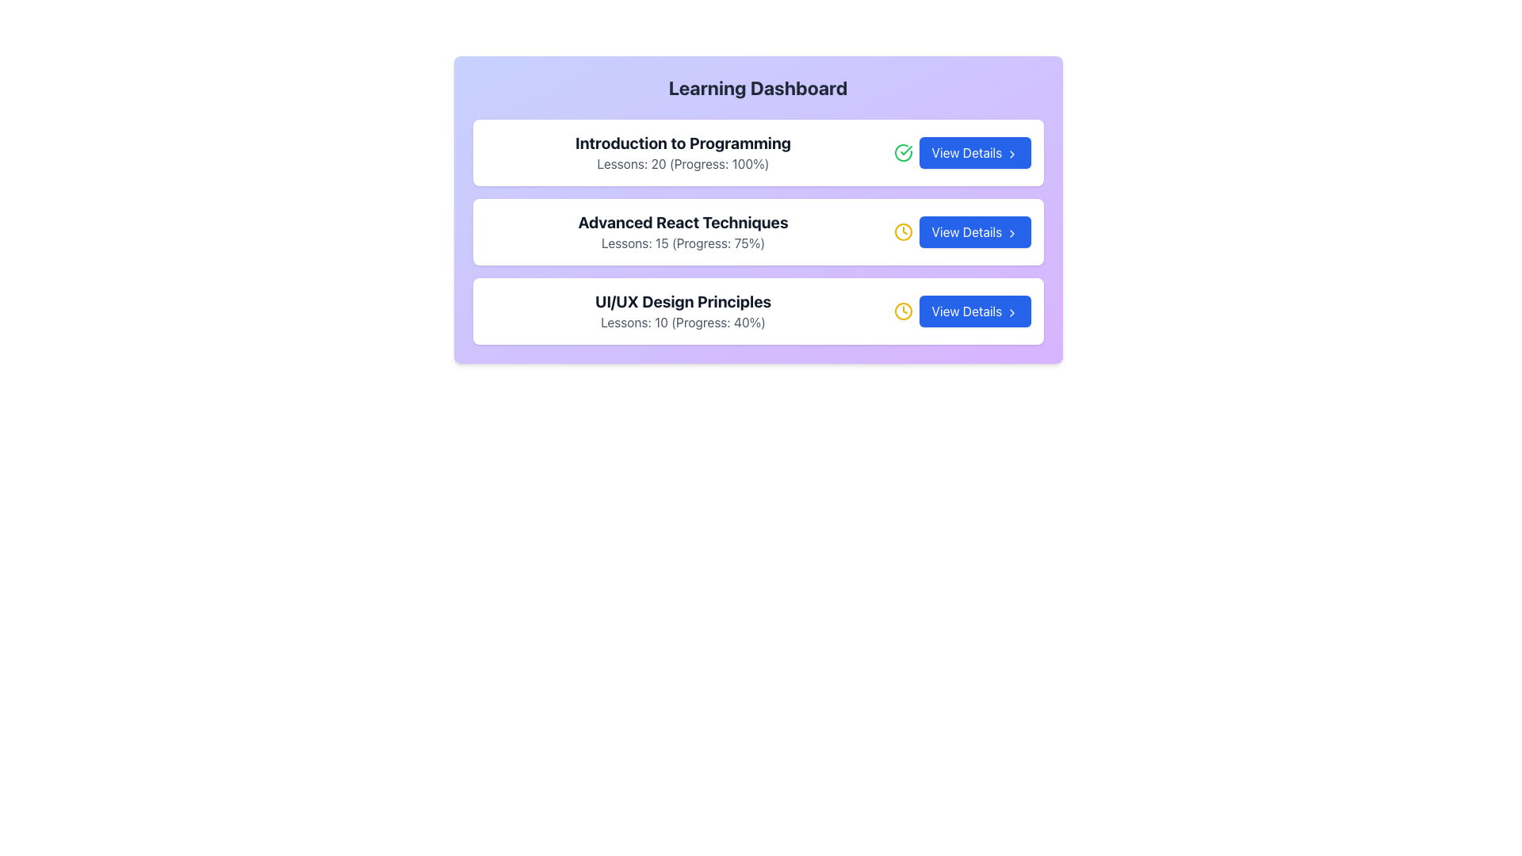 This screenshot has width=1522, height=856. Describe the element at coordinates (683, 232) in the screenshot. I see `text from the second item in the learning modules list, which displays 'Advanced React Techniques' and 'Lessons: 15 (Progress: 75%)'` at that location.